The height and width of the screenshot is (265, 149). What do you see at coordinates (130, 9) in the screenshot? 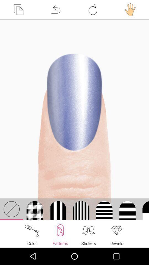
I see `the icon at the top right corner` at bounding box center [130, 9].